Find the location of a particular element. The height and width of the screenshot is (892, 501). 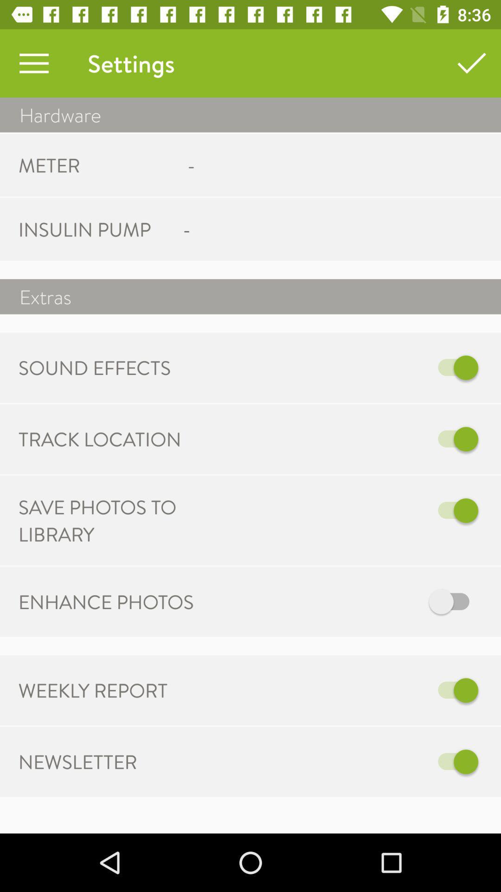

the item to the right of the save photos to item is located at coordinates (347, 510).